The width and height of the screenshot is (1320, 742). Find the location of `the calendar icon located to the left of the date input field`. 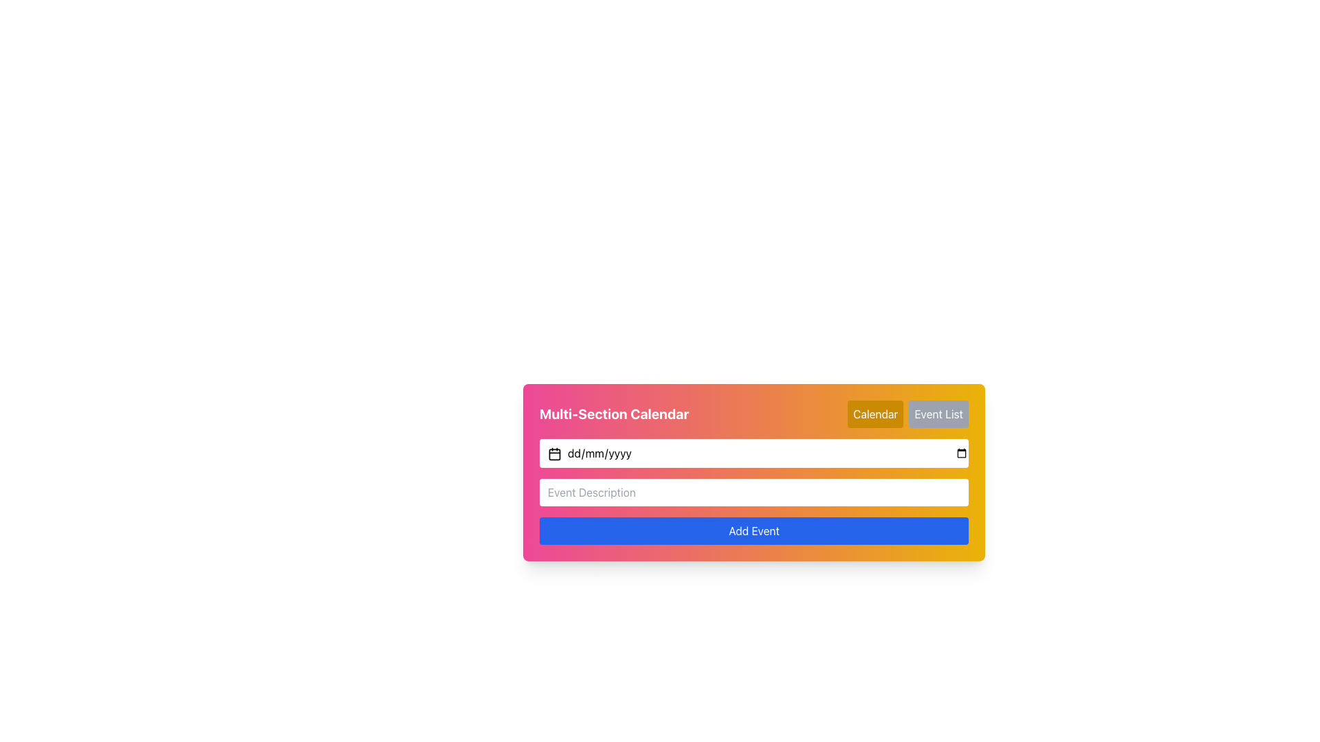

the calendar icon located to the left of the date input field is located at coordinates (554, 453).